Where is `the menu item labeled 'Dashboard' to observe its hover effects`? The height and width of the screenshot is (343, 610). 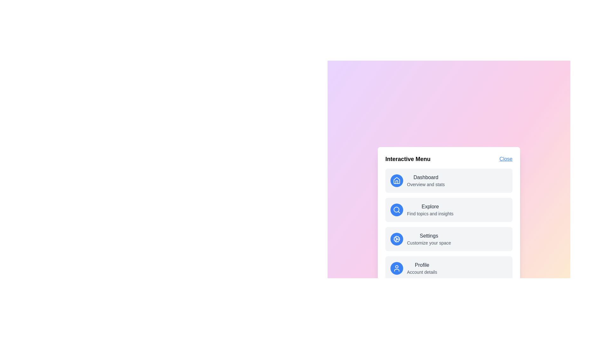 the menu item labeled 'Dashboard' to observe its hover effects is located at coordinates (448, 181).